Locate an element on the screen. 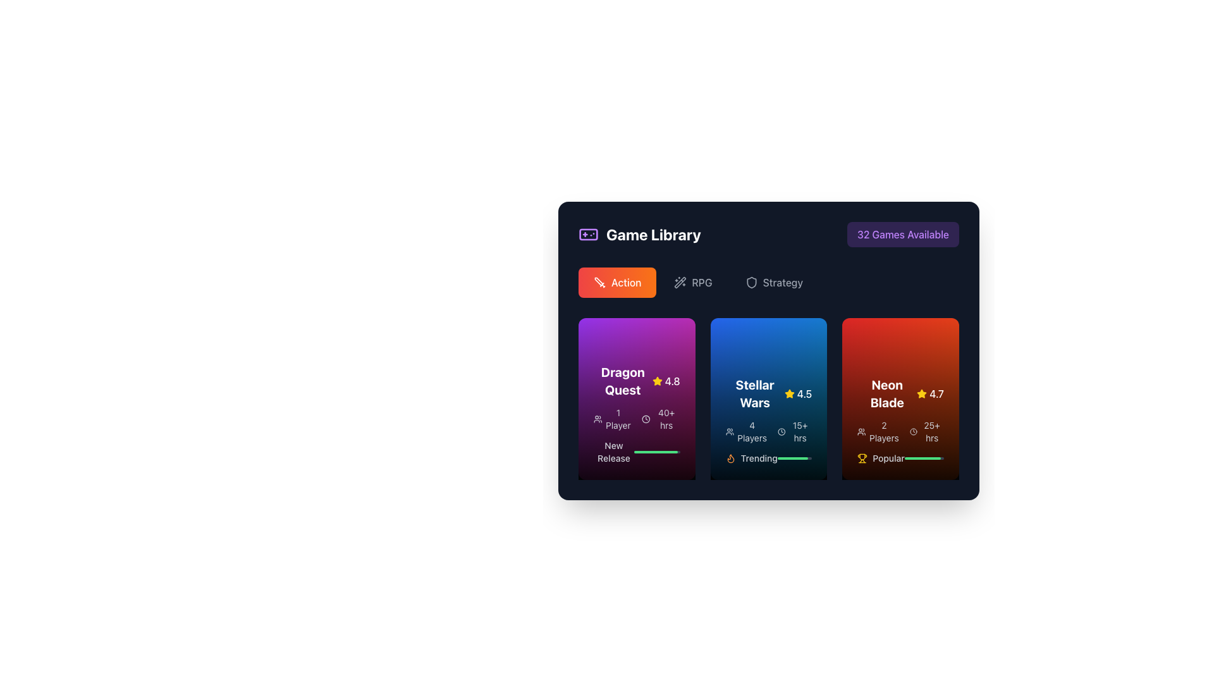 The image size is (1214, 683). the Background Rectangle that serves as the structural base for the game controller icon next to the 'Game Library' header is located at coordinates (588, 234).